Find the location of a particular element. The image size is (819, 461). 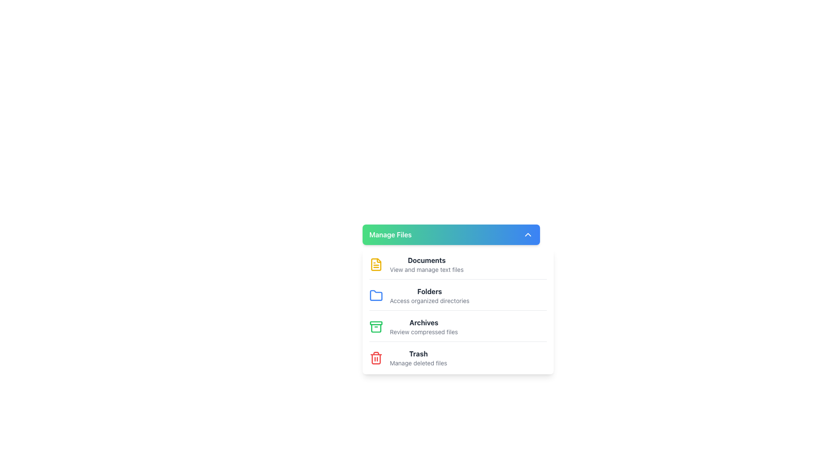

the red trash can icon located in the bottom section of the dropdown menu under the 'Trash' category is located at coordinates (376, 358).